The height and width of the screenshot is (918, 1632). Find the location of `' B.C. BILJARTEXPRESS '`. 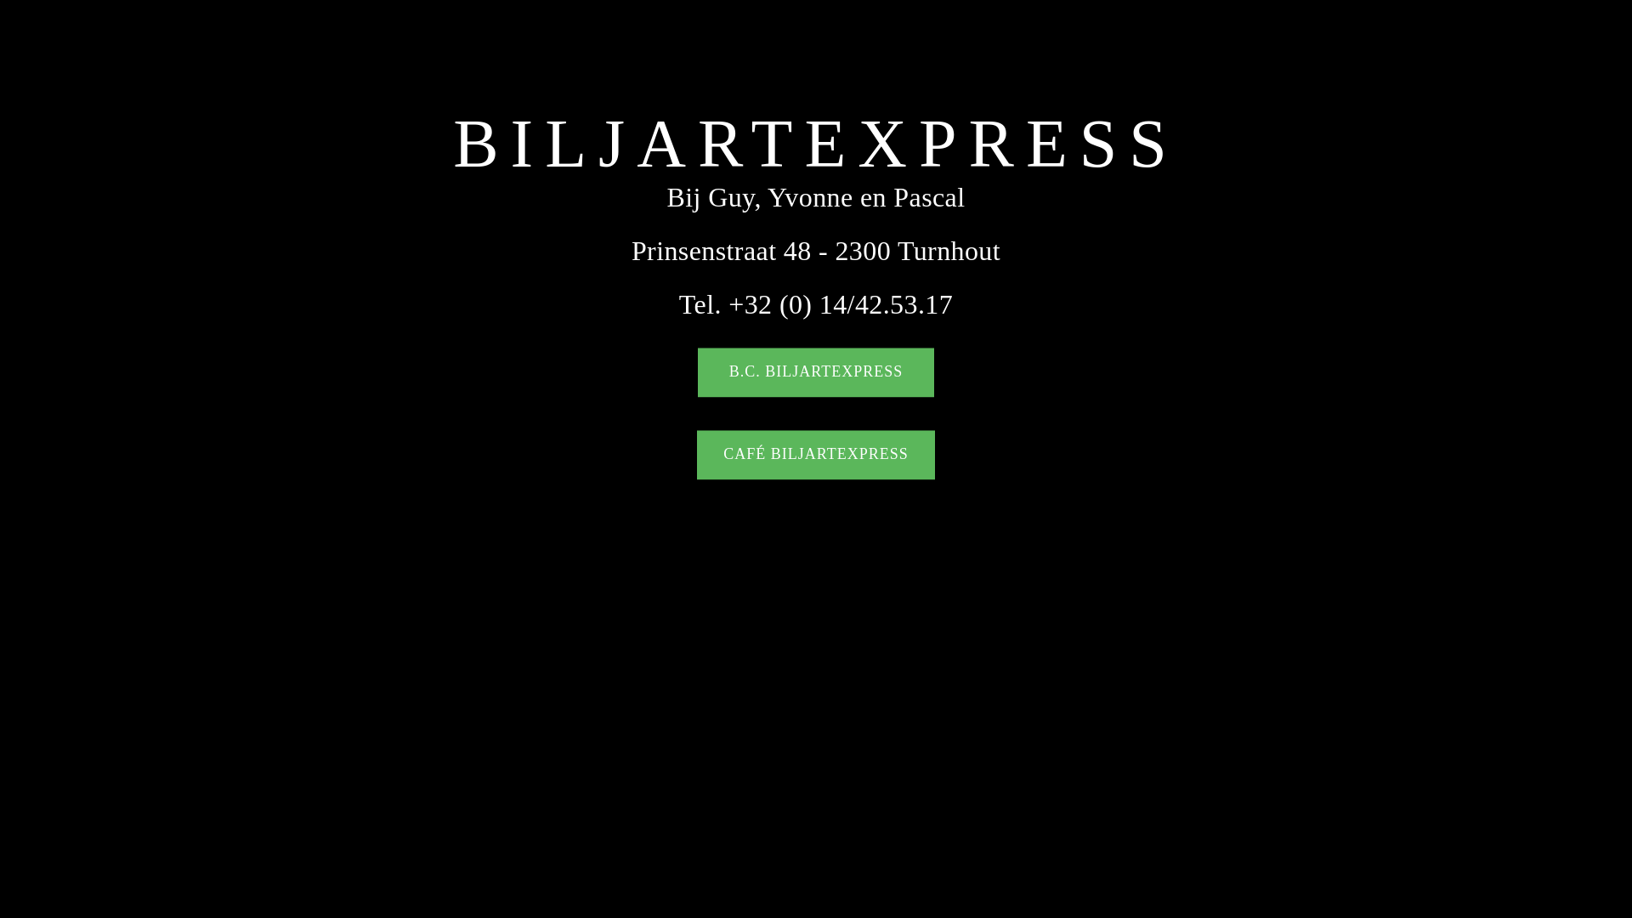

' B.C. BILJARTEXPRESS ' is located at coordinates (697, 372).